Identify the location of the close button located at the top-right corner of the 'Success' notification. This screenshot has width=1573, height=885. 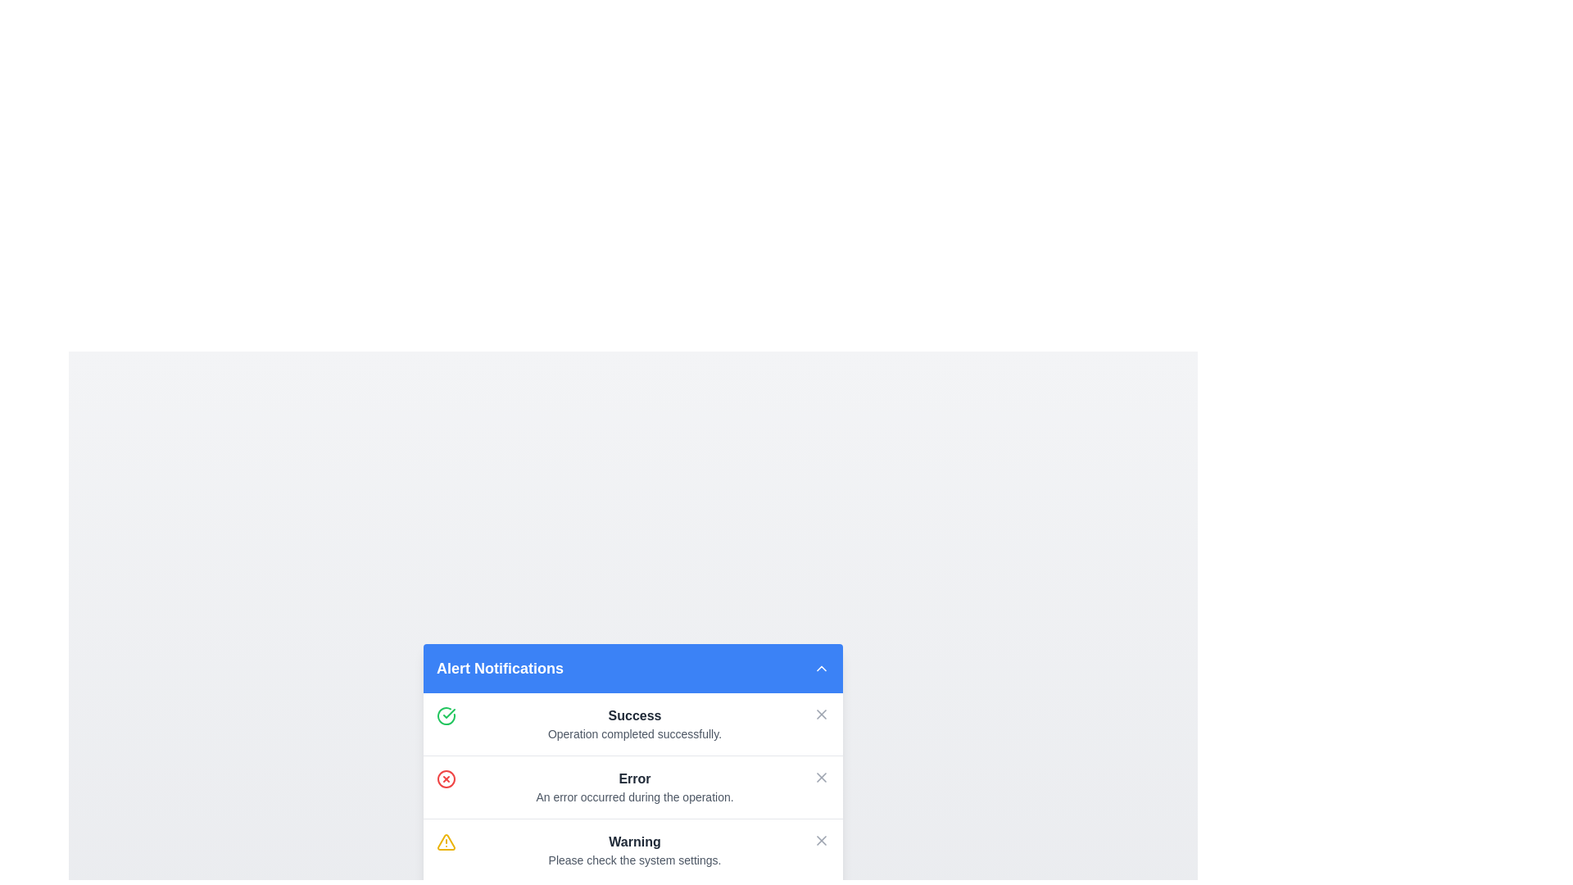
(822, 713).